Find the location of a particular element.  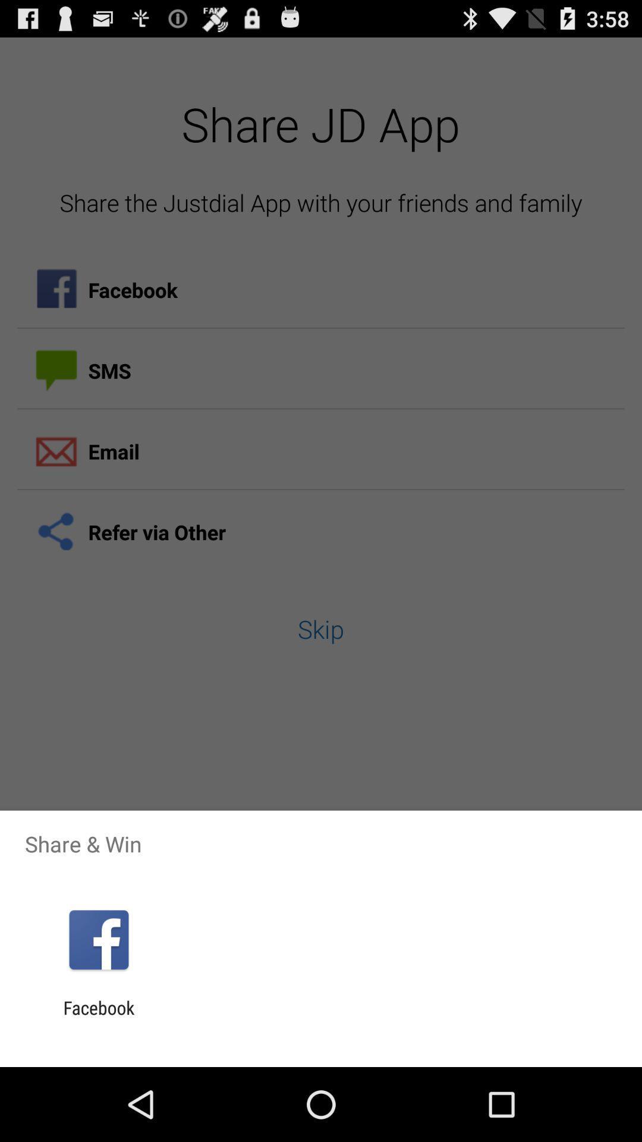

icon above the facebook icon is located at coordinates (98, 939).